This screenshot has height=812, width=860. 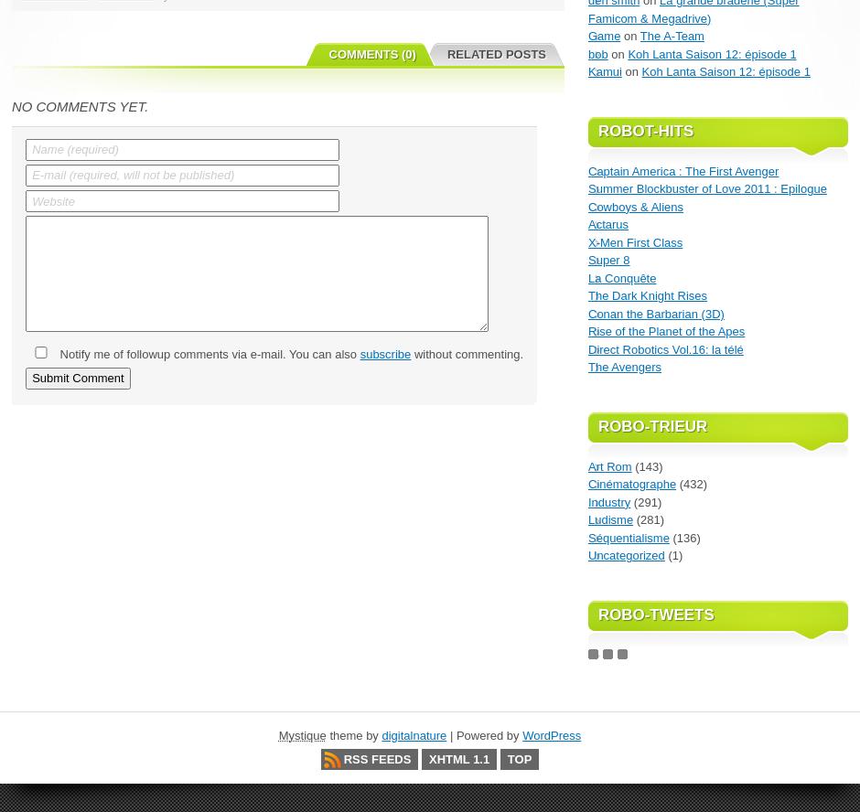 What do you see at coordinates (608, 500) in the screenshot?
I see `'Industry'` at bounding box center [608, 500].